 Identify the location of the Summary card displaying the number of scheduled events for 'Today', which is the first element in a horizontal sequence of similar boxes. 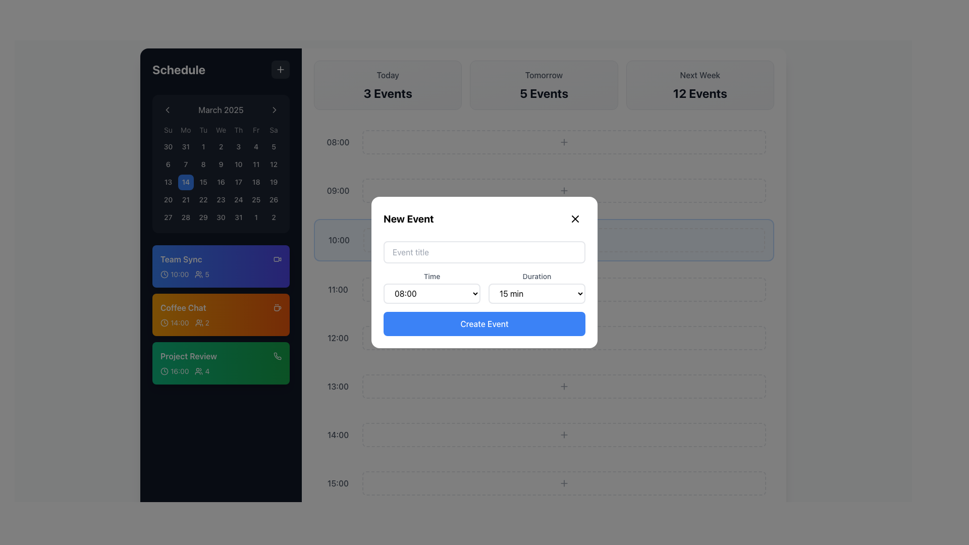
(387, 85).